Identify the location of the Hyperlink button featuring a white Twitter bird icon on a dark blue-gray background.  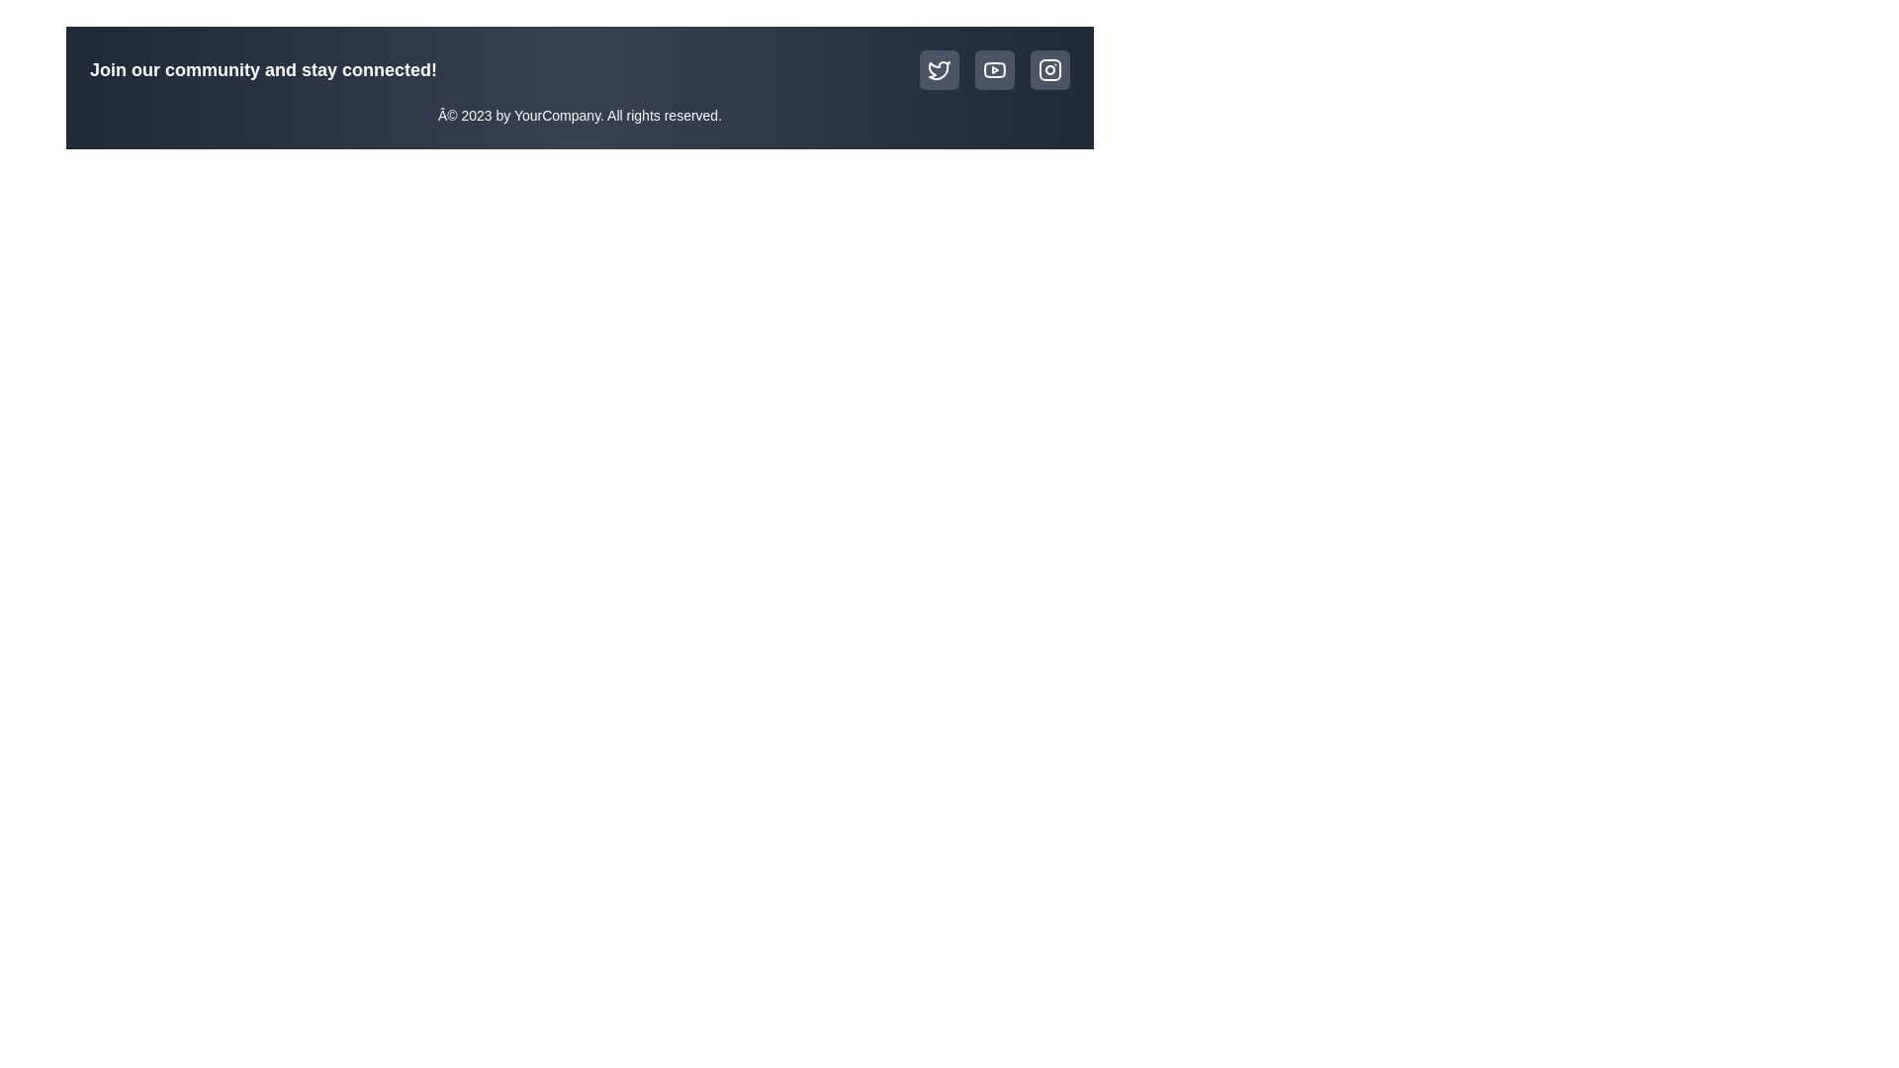
(939, 68).